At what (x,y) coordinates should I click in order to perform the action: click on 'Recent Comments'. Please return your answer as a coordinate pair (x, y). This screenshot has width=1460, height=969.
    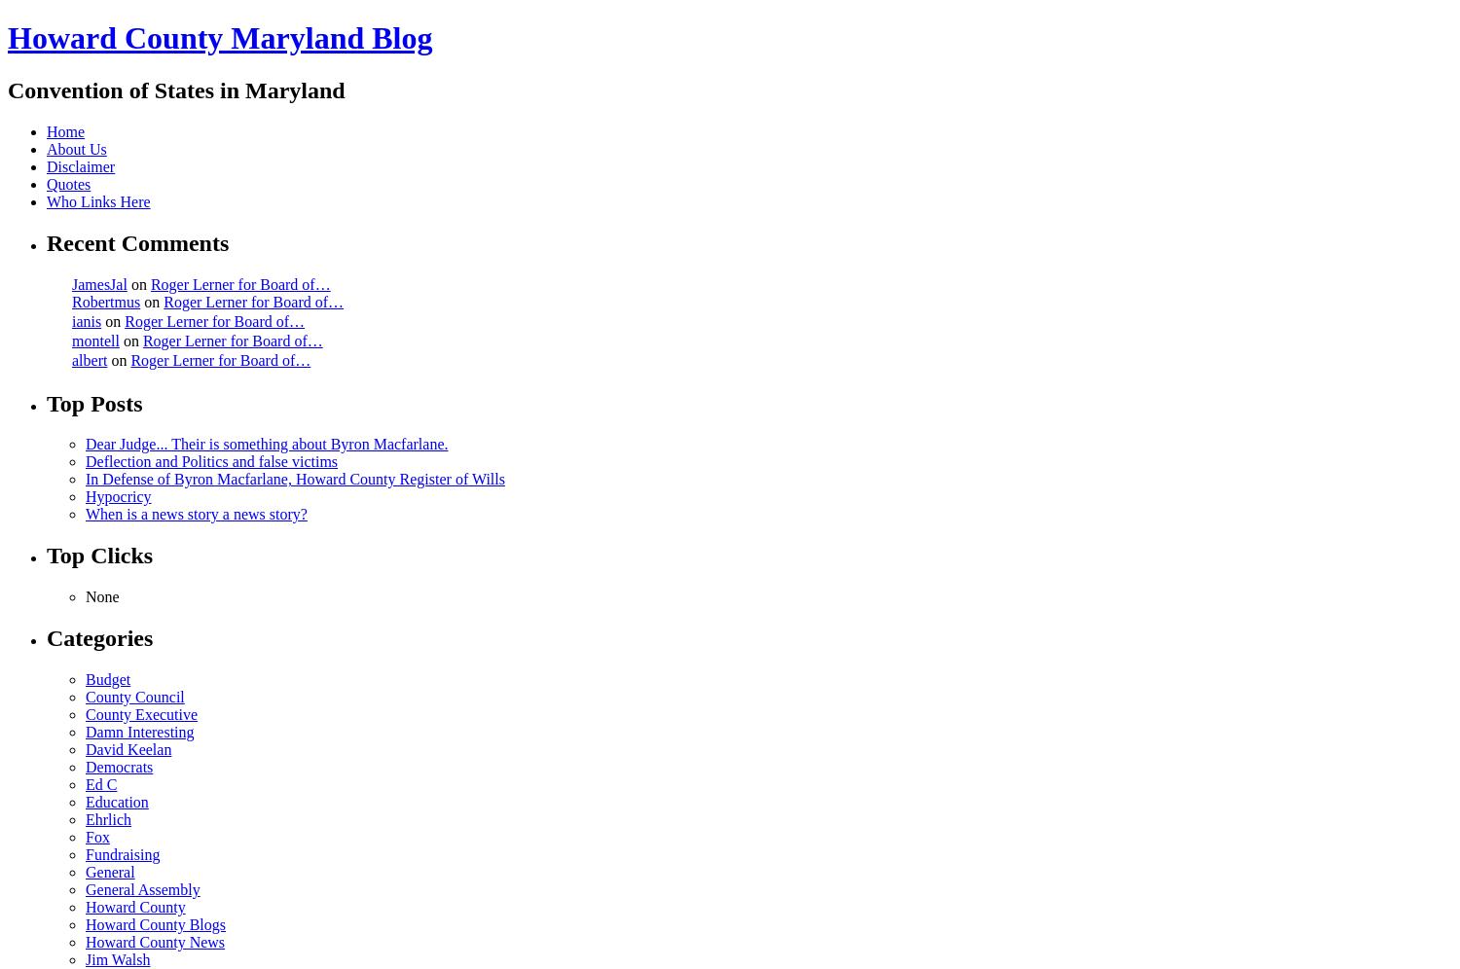
    Looking at the image, I should click on (137, 242).